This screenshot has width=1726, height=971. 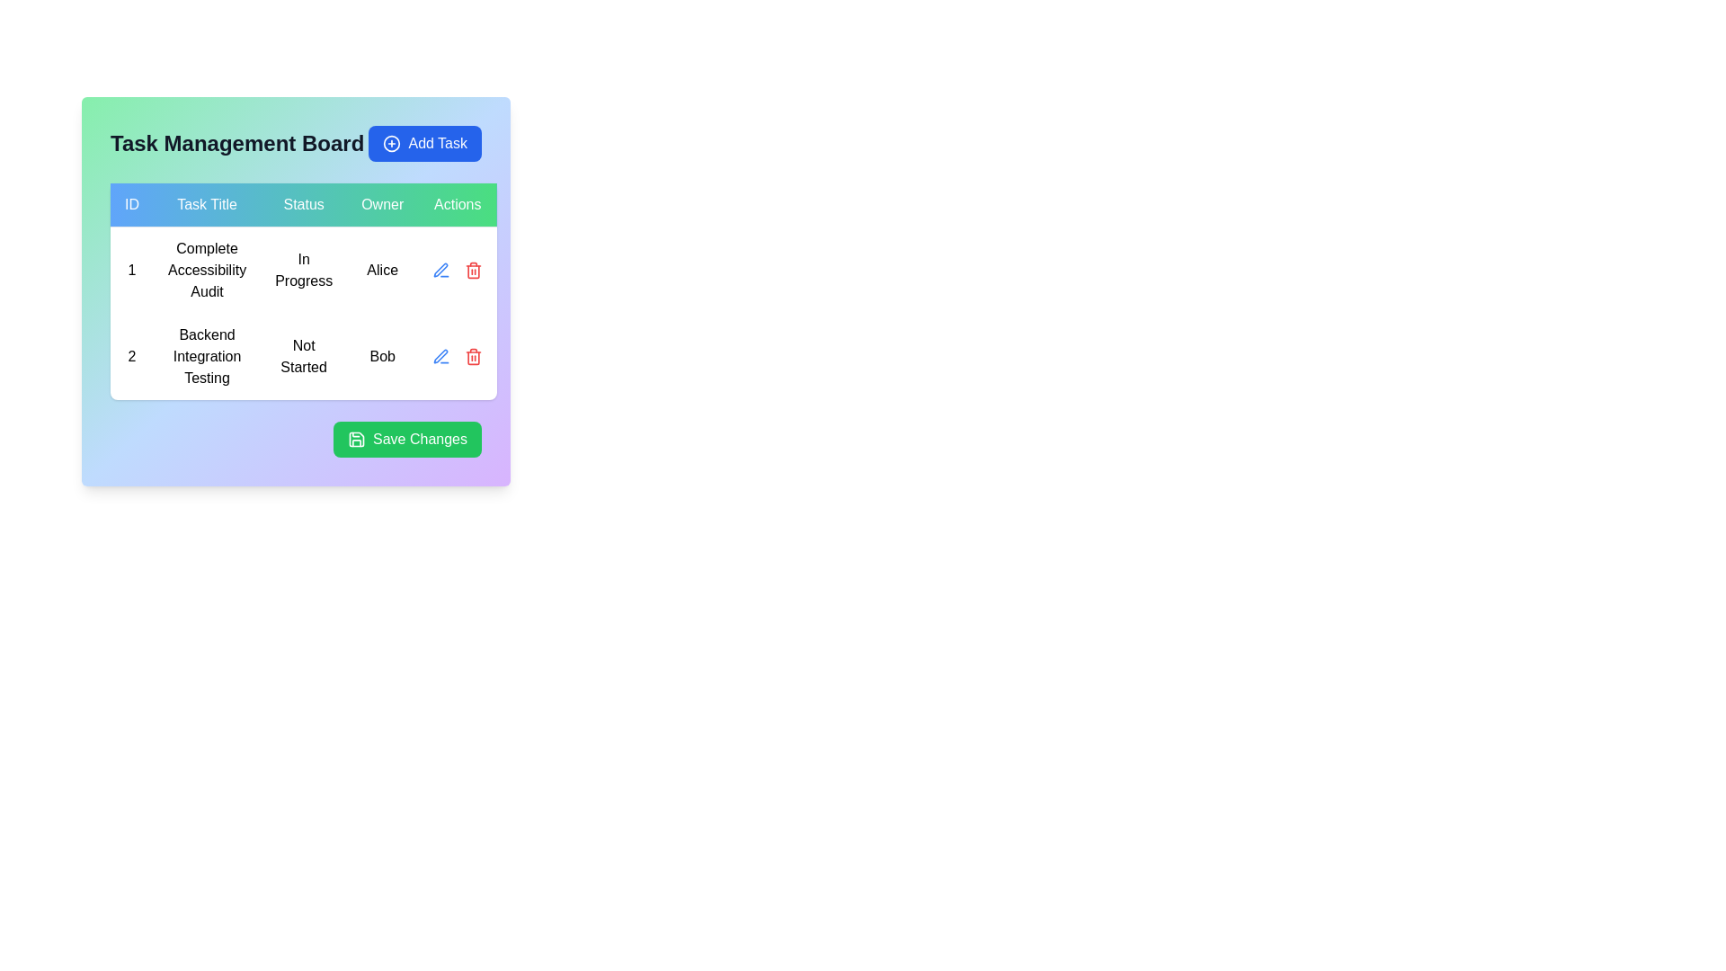 What do you see at coordinates (381, 270) in the screenshot?
I see `the text label indicating the owner of the task 'Complete Accessibility Audit' in the fourth cell of the first row under the 'Owner' column` at bounding box center [381, 270].